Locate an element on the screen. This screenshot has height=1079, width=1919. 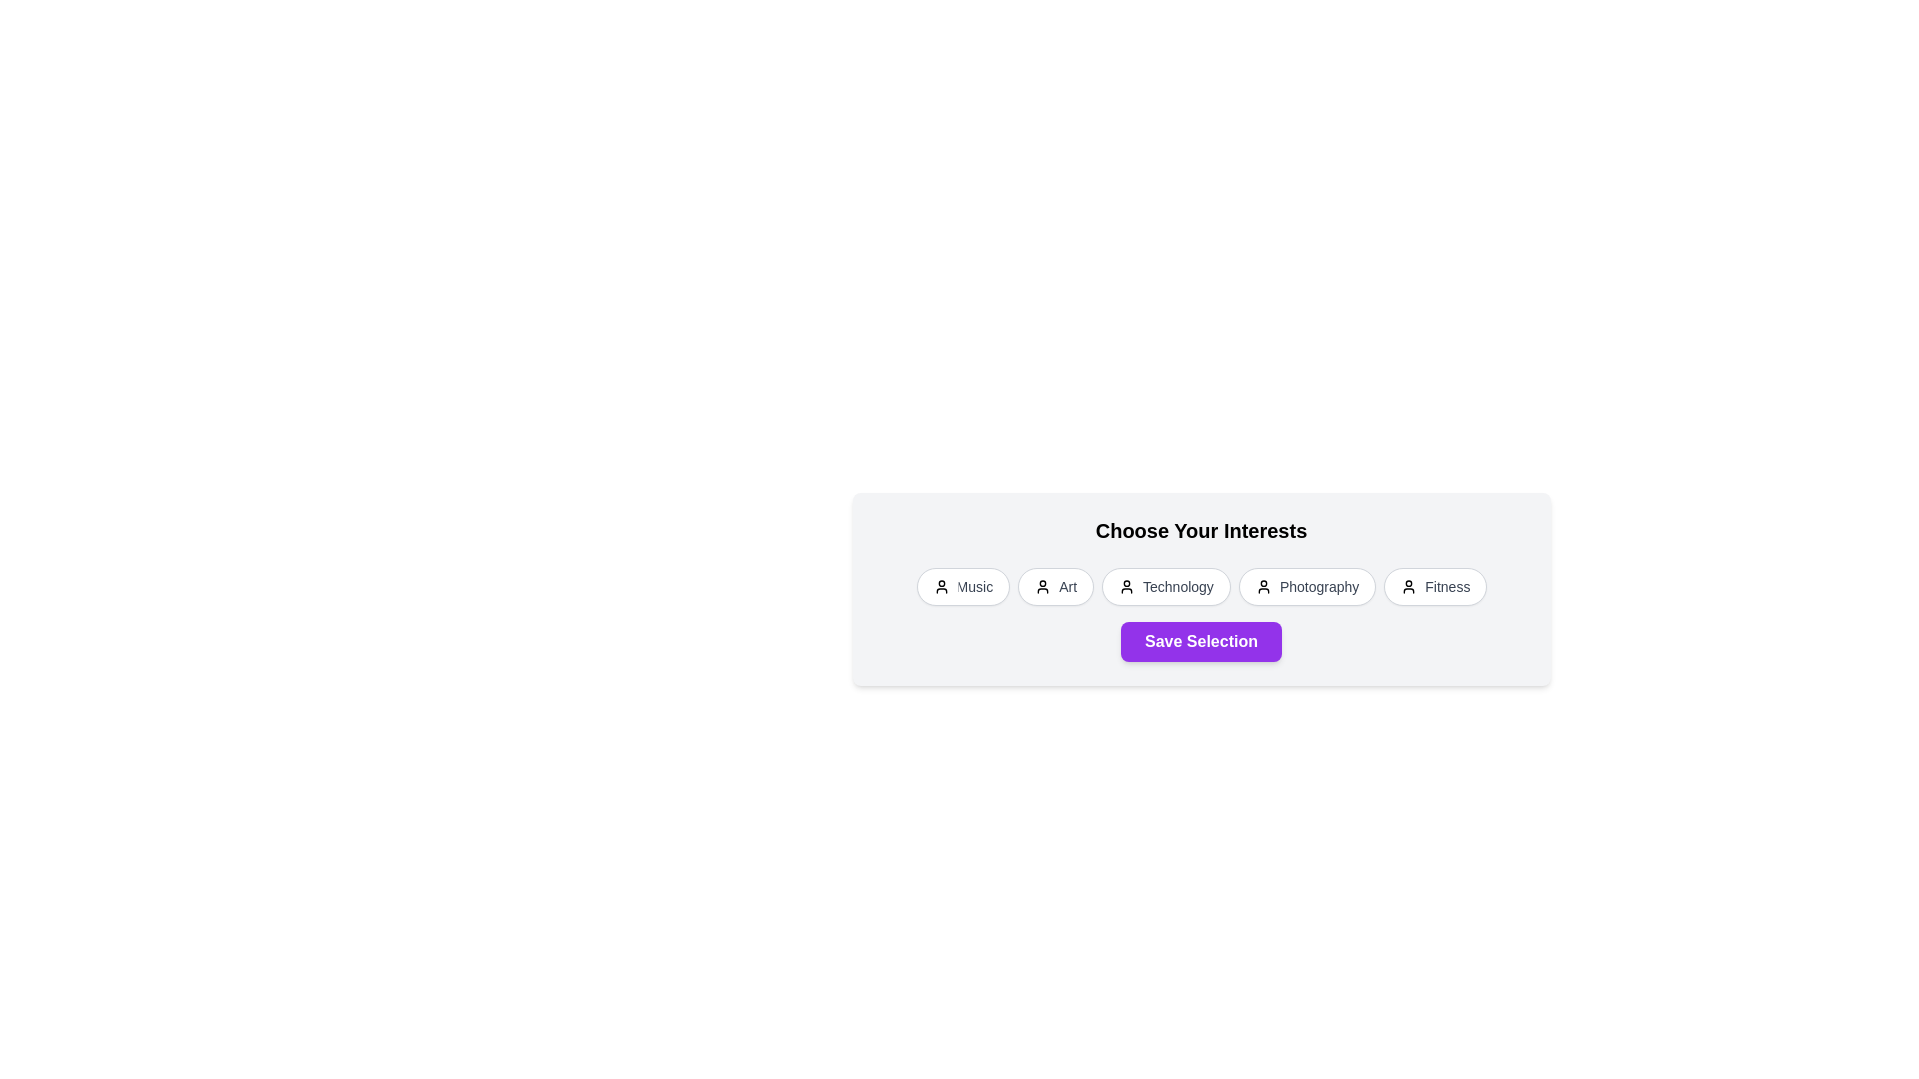
the interest chip labeled 'Photography' is located at coordinates (1307, 585).